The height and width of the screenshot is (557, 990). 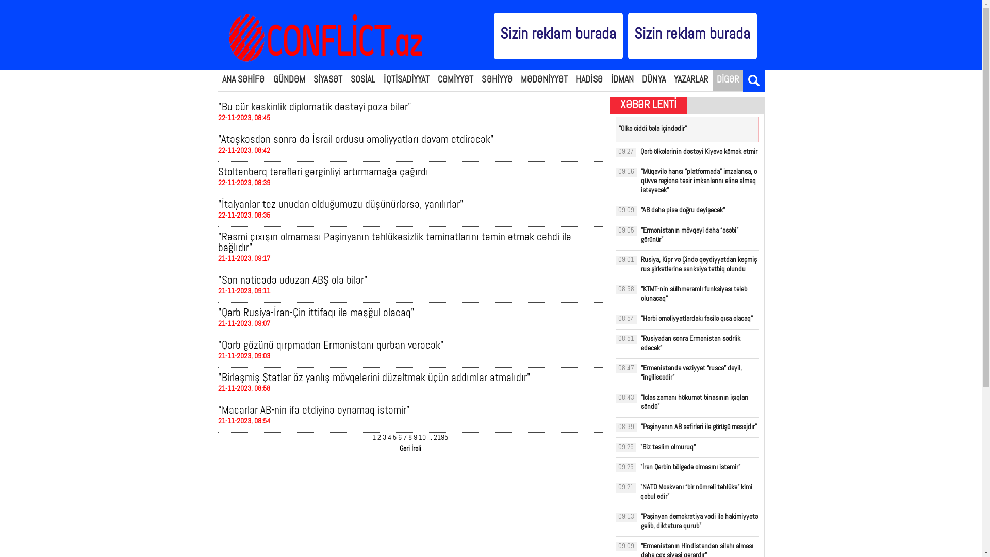 What do you see at coordinates (376, 438) in the screenshot?
I see `'2'` at bounding box center [376, 438].